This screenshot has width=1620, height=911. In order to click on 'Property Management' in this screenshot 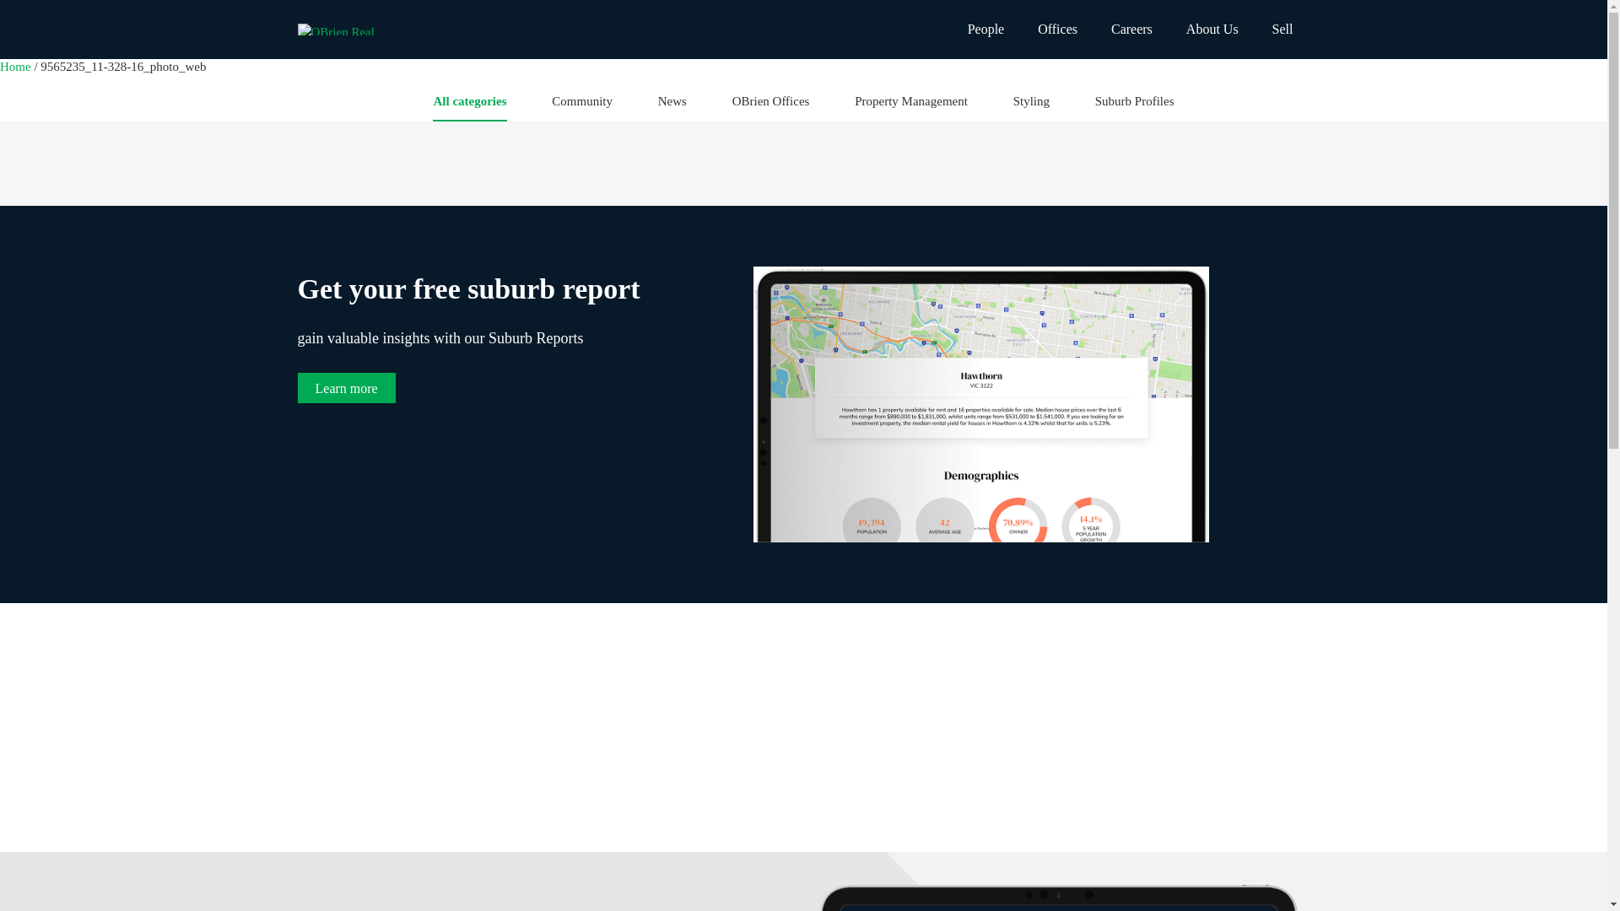, I will do `click(854, 106)`.